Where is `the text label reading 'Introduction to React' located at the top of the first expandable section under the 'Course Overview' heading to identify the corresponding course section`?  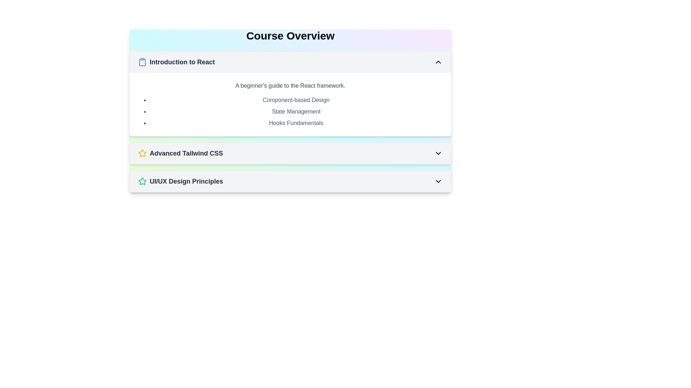
the text label reading 'Introduction to React' located at the top of the first expandable section under the 'Course Overview' heading to identify the corresponding course section is located at coordinates (182, 62).